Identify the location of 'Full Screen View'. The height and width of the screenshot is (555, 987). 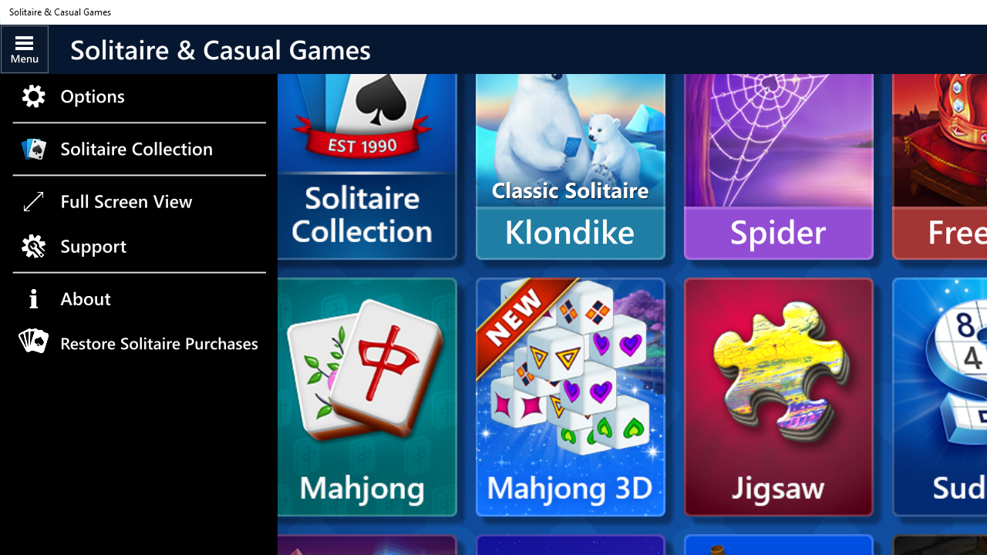
(138, 200).